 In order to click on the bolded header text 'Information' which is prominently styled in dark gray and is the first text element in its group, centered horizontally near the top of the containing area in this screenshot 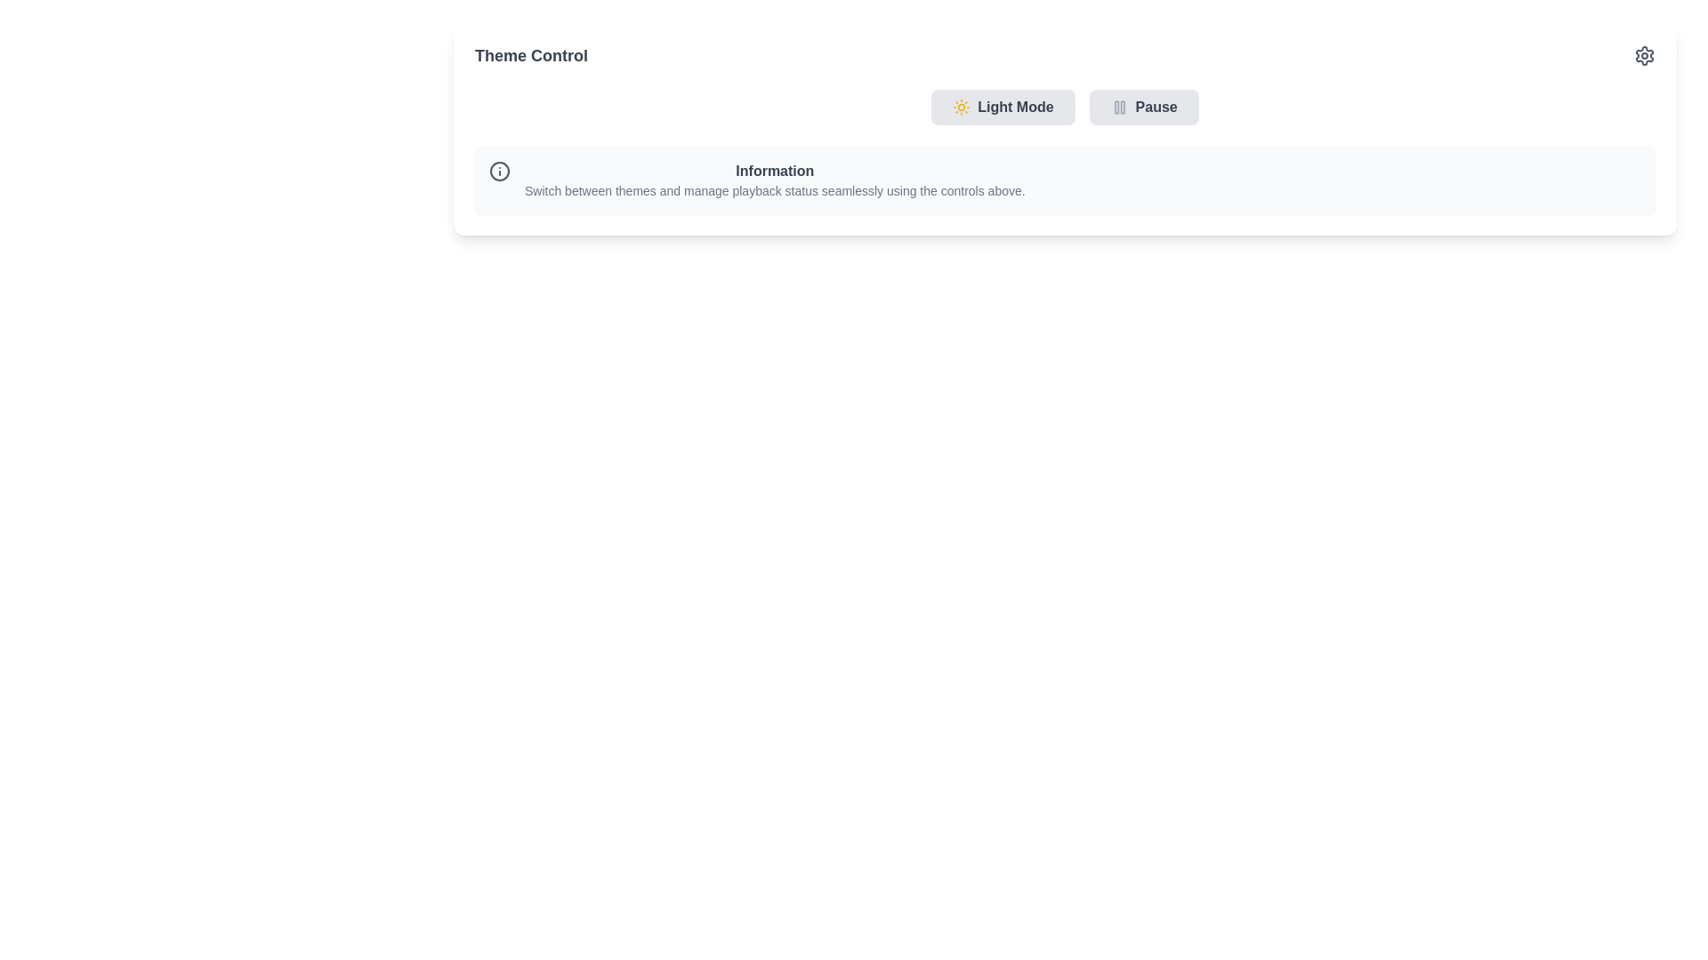, I will do `click(775, 171)`.